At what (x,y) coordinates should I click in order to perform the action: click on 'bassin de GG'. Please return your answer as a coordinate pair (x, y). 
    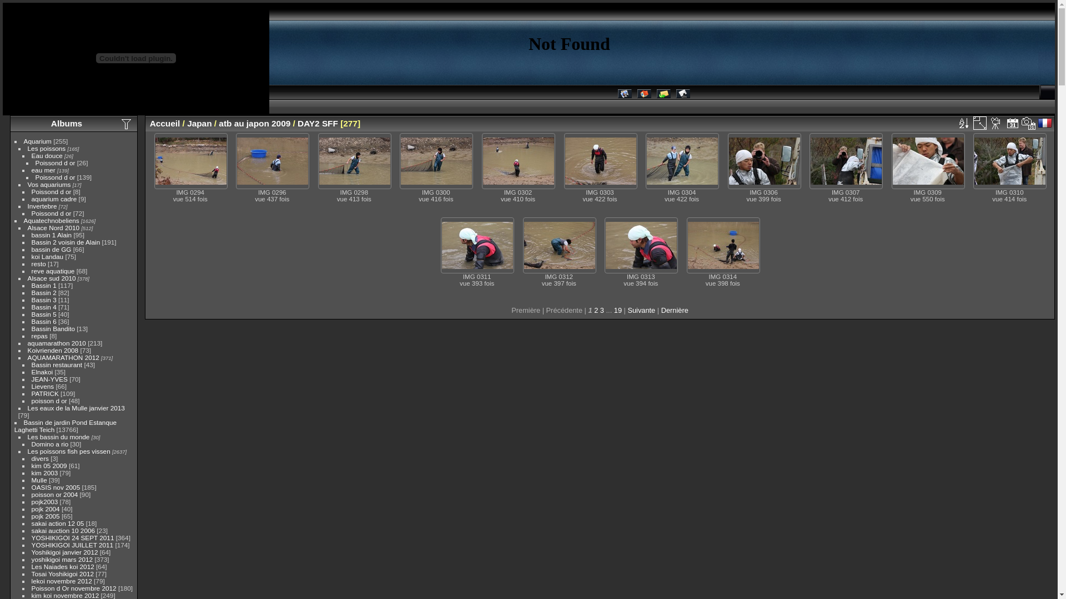
    Looking at the image, I should click on (51, 248).